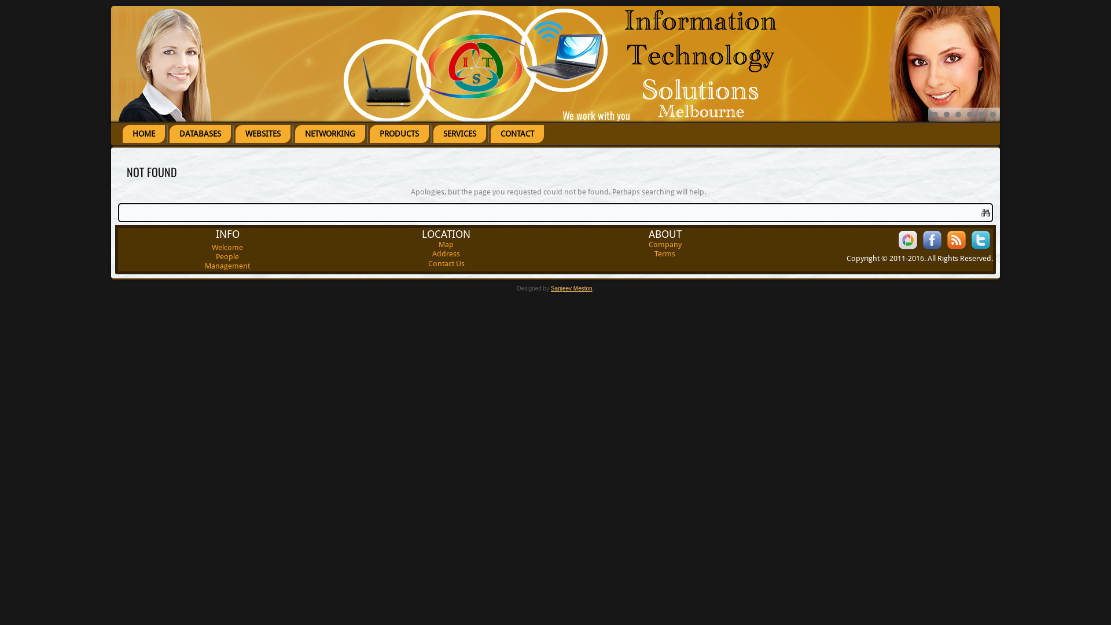 Image resolution: width=1111 pixels, height=625 pixels. What do you see at coordinates (399, 133) in the screenshot?
I see `'PRODUCTS'` at bounding box center [399, 133].